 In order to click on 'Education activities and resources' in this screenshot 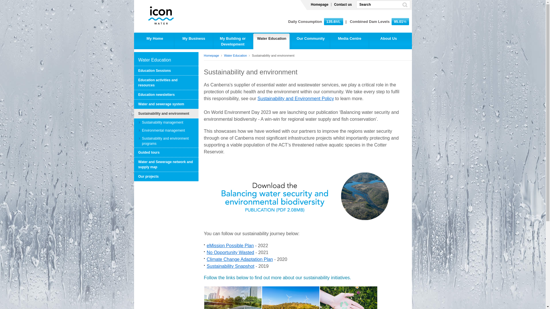, I will do `click(166, 83)`.